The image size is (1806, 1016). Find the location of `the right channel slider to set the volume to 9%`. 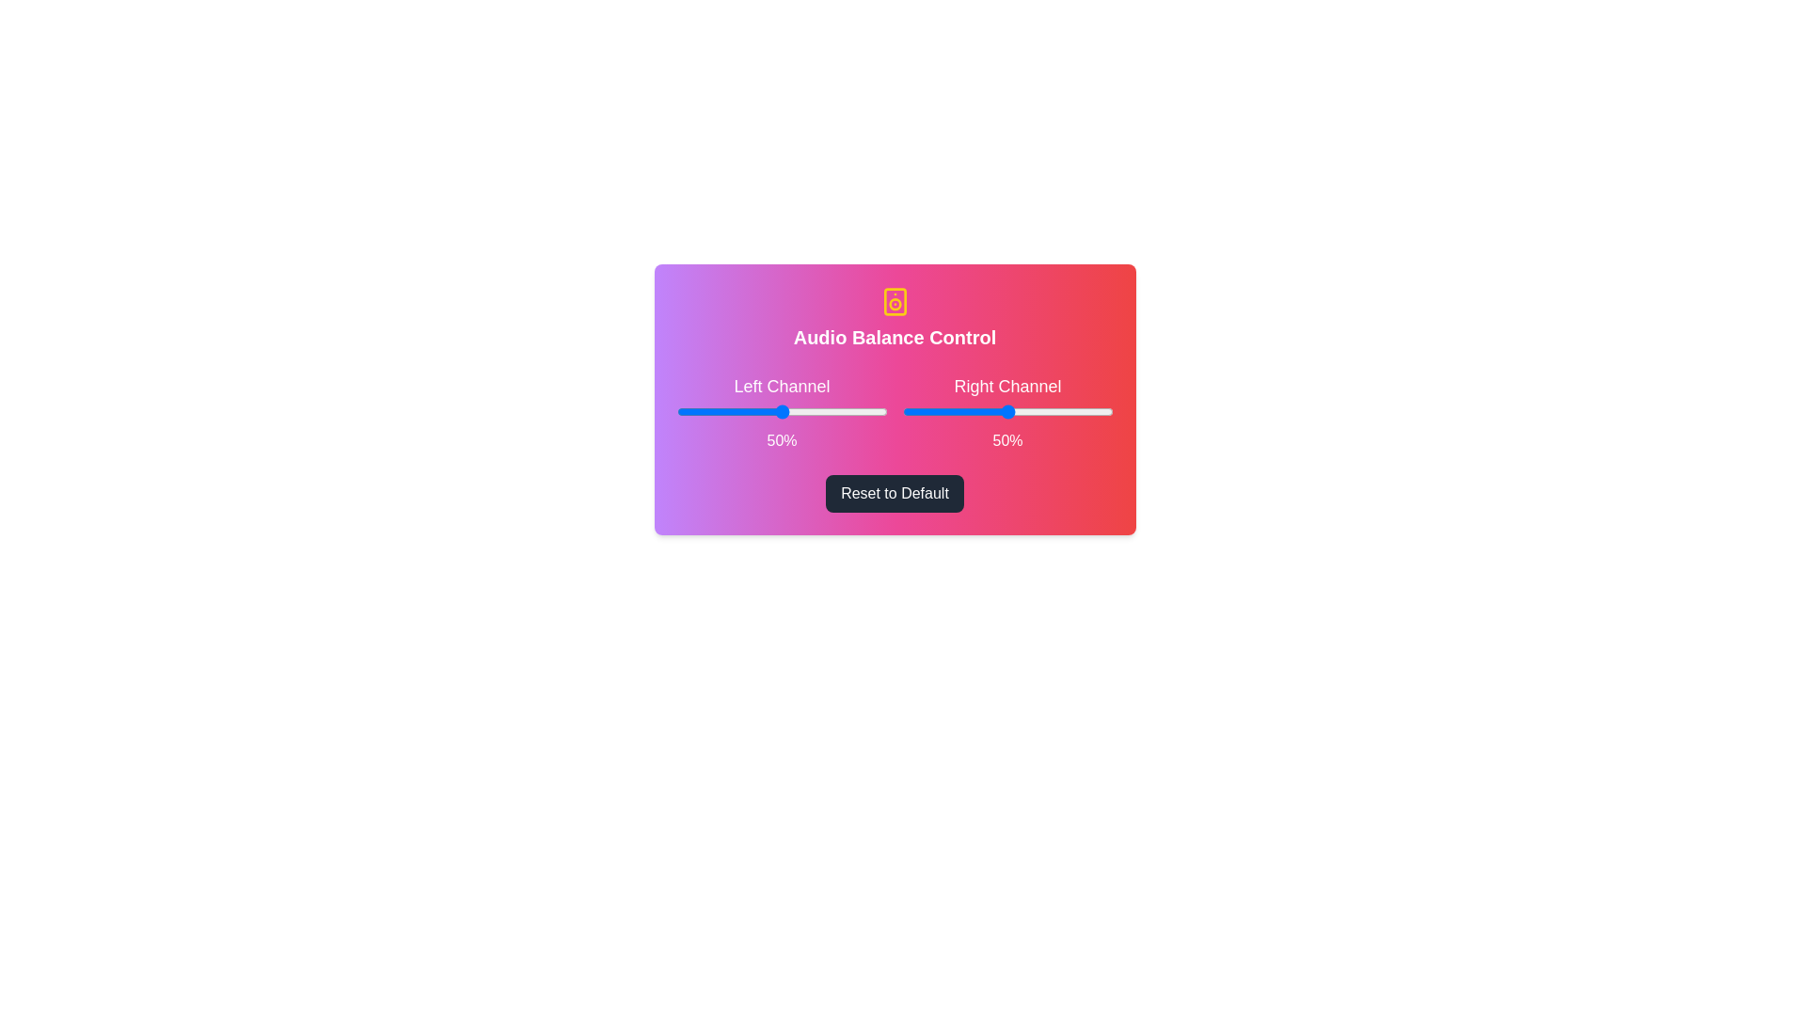

the right channel slider to set the volume to 9% is located at coordinates (921, 411).